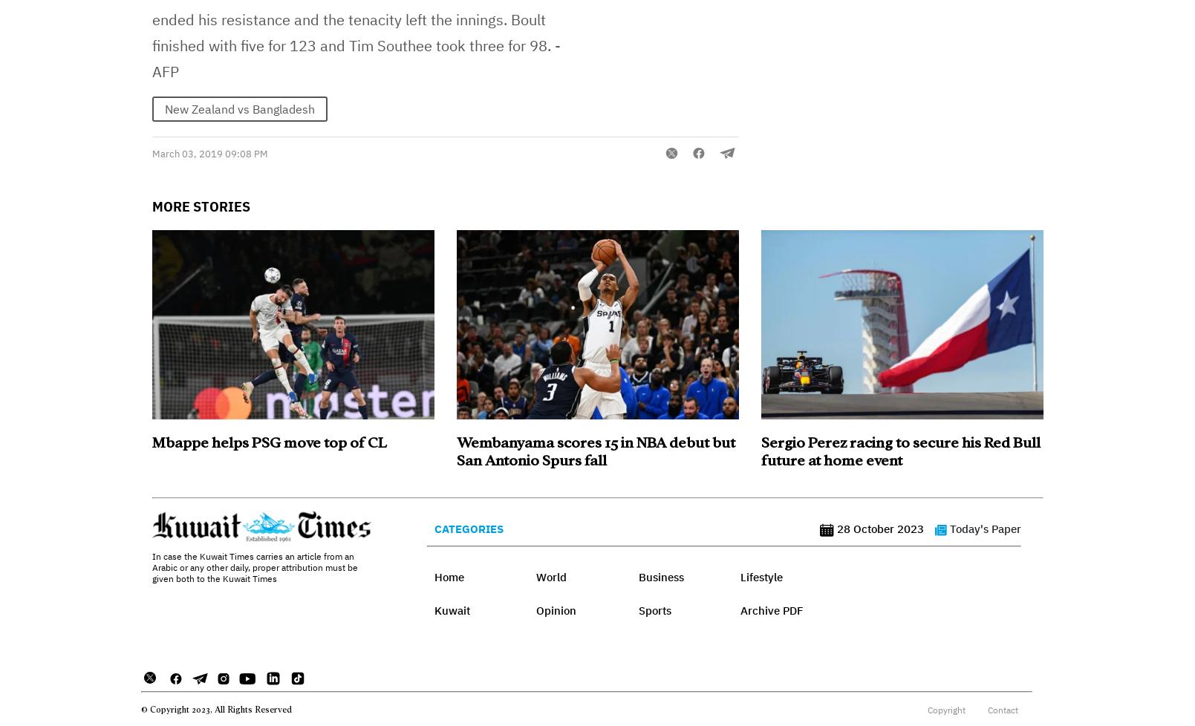 This screenshot has width=1195, height=726. I want to click on 'Archive PDF', so click(771, 609).